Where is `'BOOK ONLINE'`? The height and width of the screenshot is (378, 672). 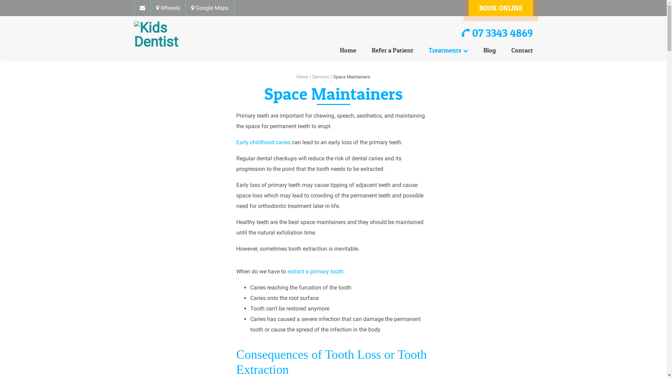 'BOOK ONLINE' is located at coordinates (500, 8).